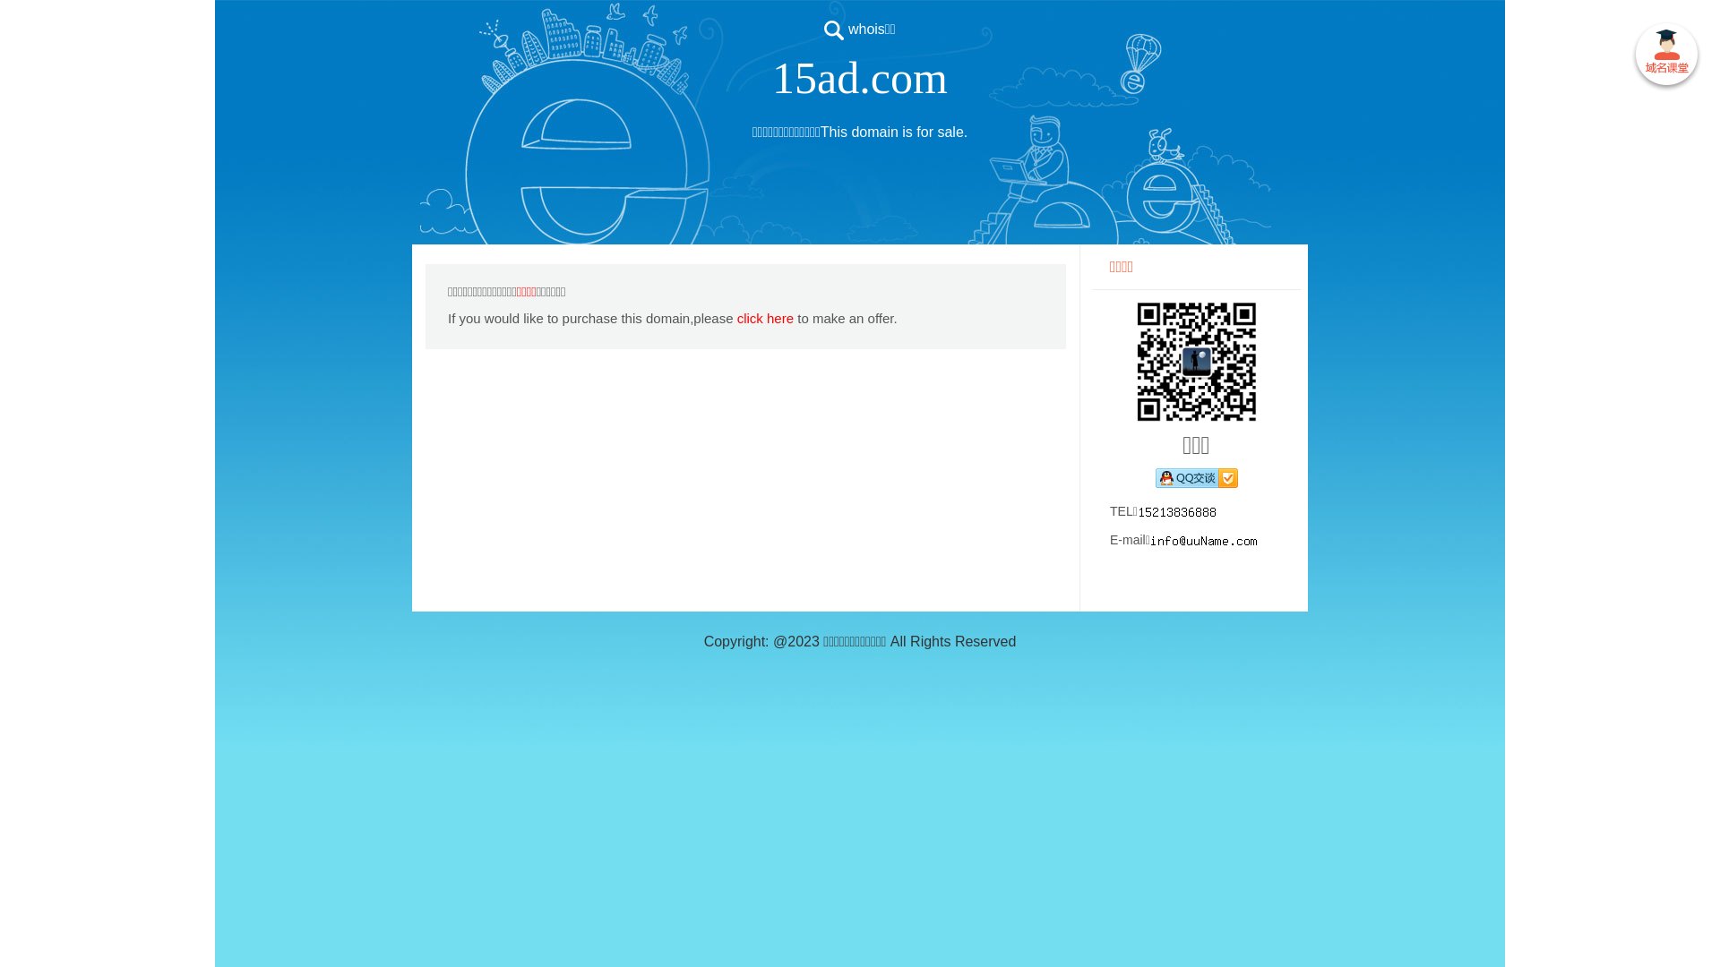 The height and width of the screenshot is (967, 1720). I want to click on ' ', so click(1665, 56).